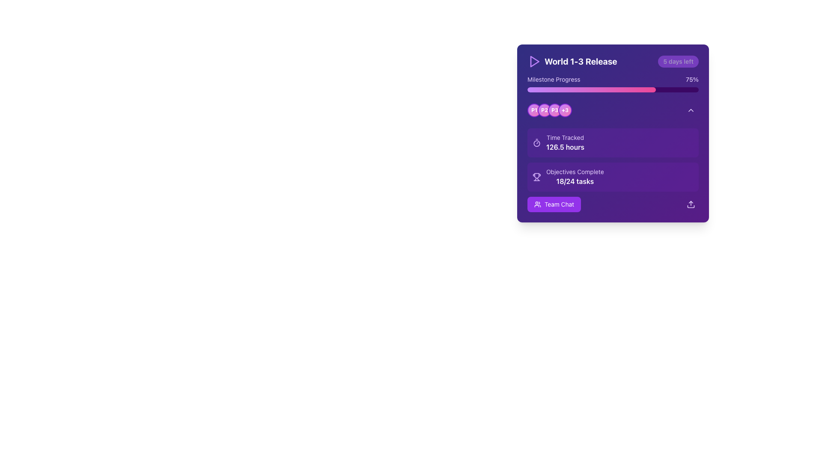 This screenshot has width=822, height=462. I want to click on the static text label that displays 'Objectives Complete', which is styled in a small muted purple font, located within a purple card interface above the text '18/24 tasks', so click(575, 172).